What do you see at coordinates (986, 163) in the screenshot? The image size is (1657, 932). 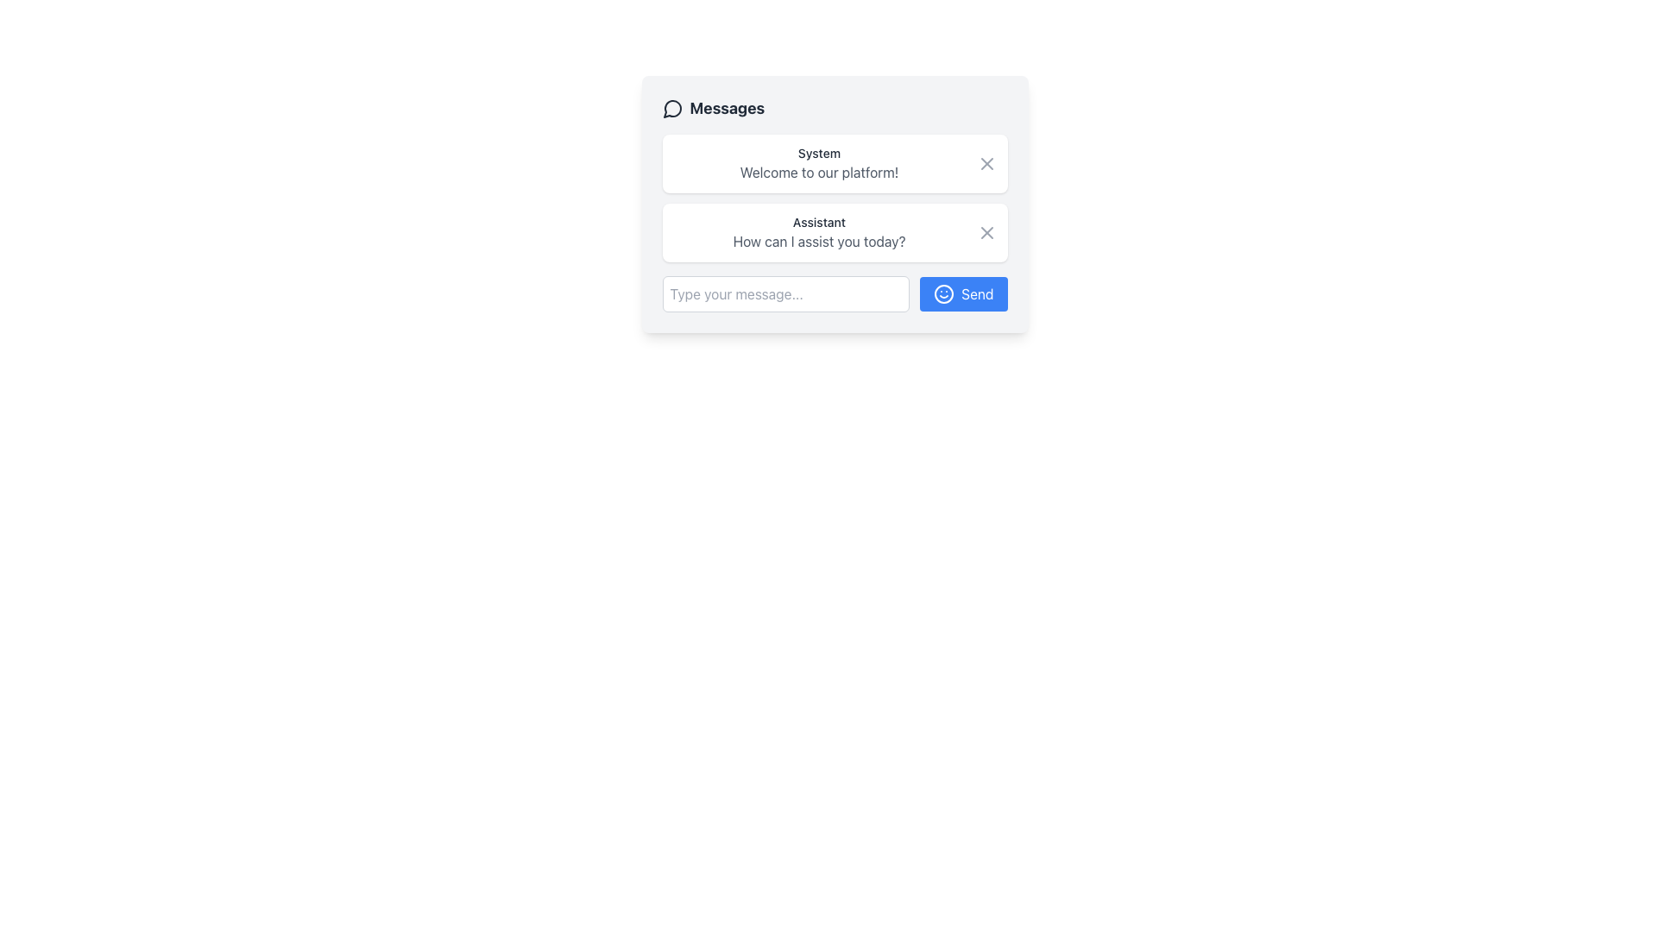 I see `the 'X' mark icon in the header row of the chat box interface` at bounding box center [986, 163].